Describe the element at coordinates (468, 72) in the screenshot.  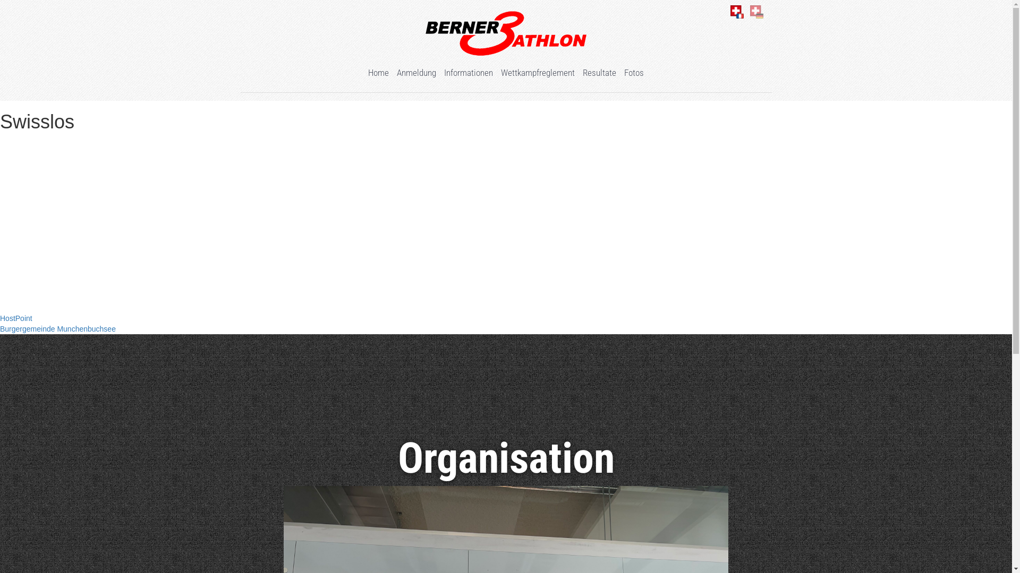
I see `'Informationen'` at that location.